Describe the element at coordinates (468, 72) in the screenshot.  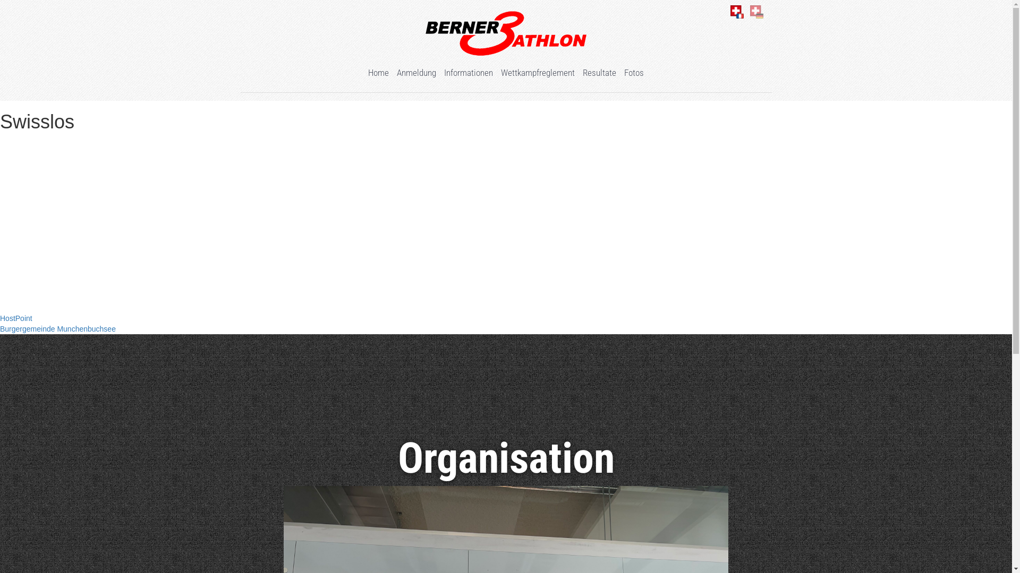
I see `'Informationen'` at that location.